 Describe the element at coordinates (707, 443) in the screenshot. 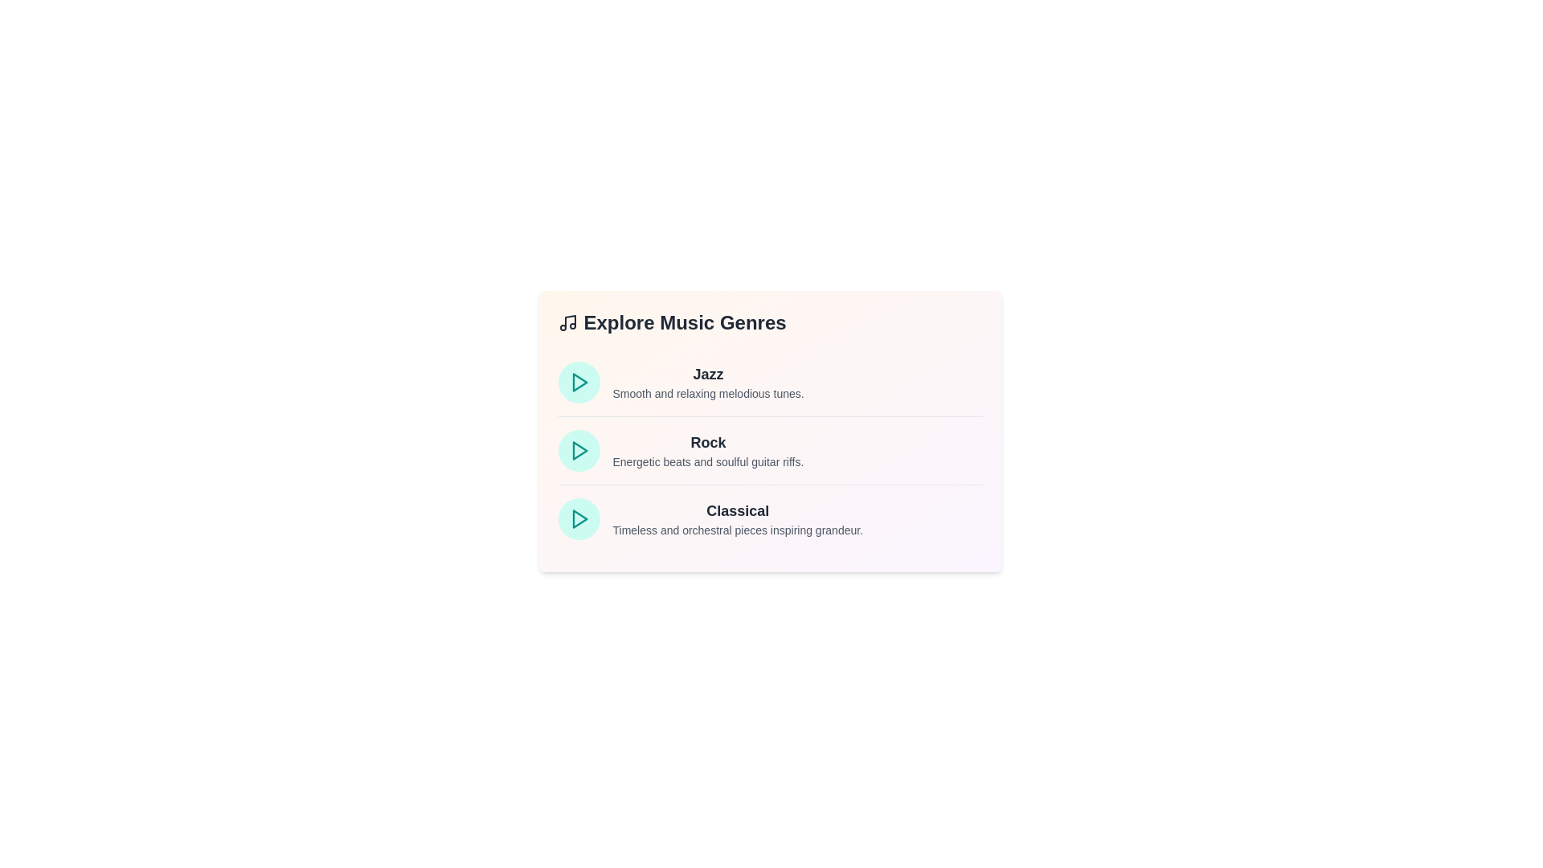

I see `the genre name Rock to view its tooltip` at that location.